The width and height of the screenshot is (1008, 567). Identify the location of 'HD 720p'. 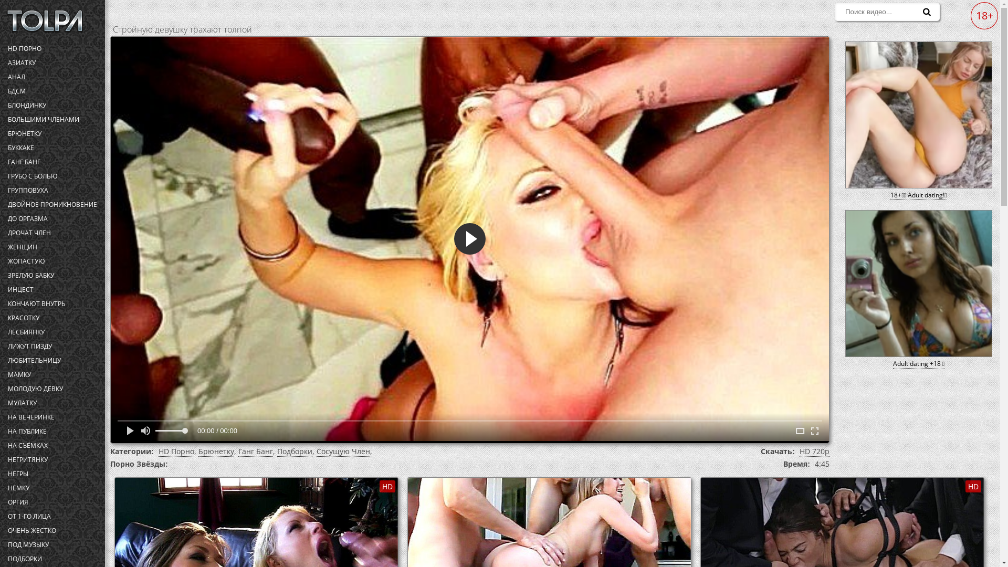
(814, 451).